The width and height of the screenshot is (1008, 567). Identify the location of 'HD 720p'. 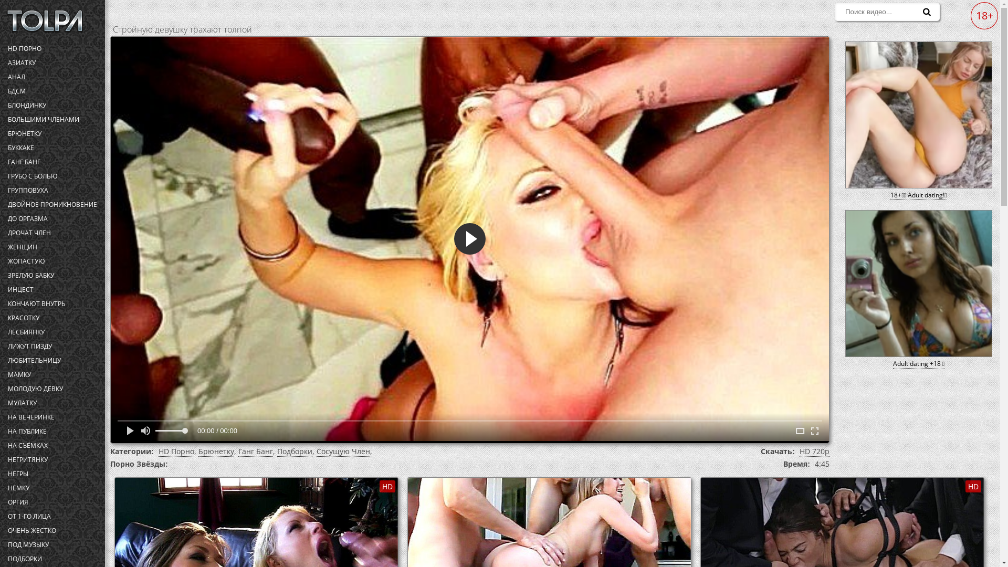
(814, 451).